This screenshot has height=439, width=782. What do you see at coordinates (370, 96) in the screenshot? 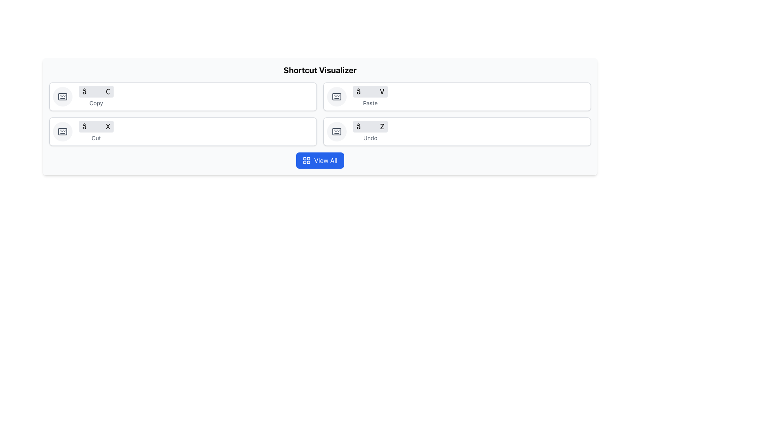
I see `the Label or Instructional Card containing the text 'â V' and 'Paste' which is styled in two rows, located towards the right side among similar elements` at bounding box center [370, 96].